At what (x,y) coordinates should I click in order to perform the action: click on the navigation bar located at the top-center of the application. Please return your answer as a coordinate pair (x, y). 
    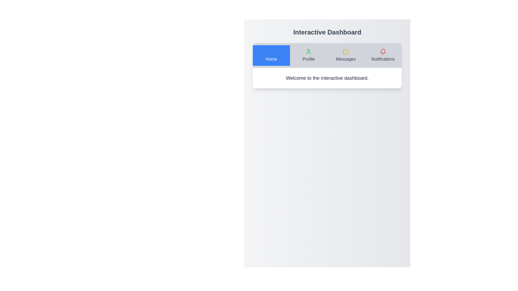
    Looking at the image, I should click on (327, 55).